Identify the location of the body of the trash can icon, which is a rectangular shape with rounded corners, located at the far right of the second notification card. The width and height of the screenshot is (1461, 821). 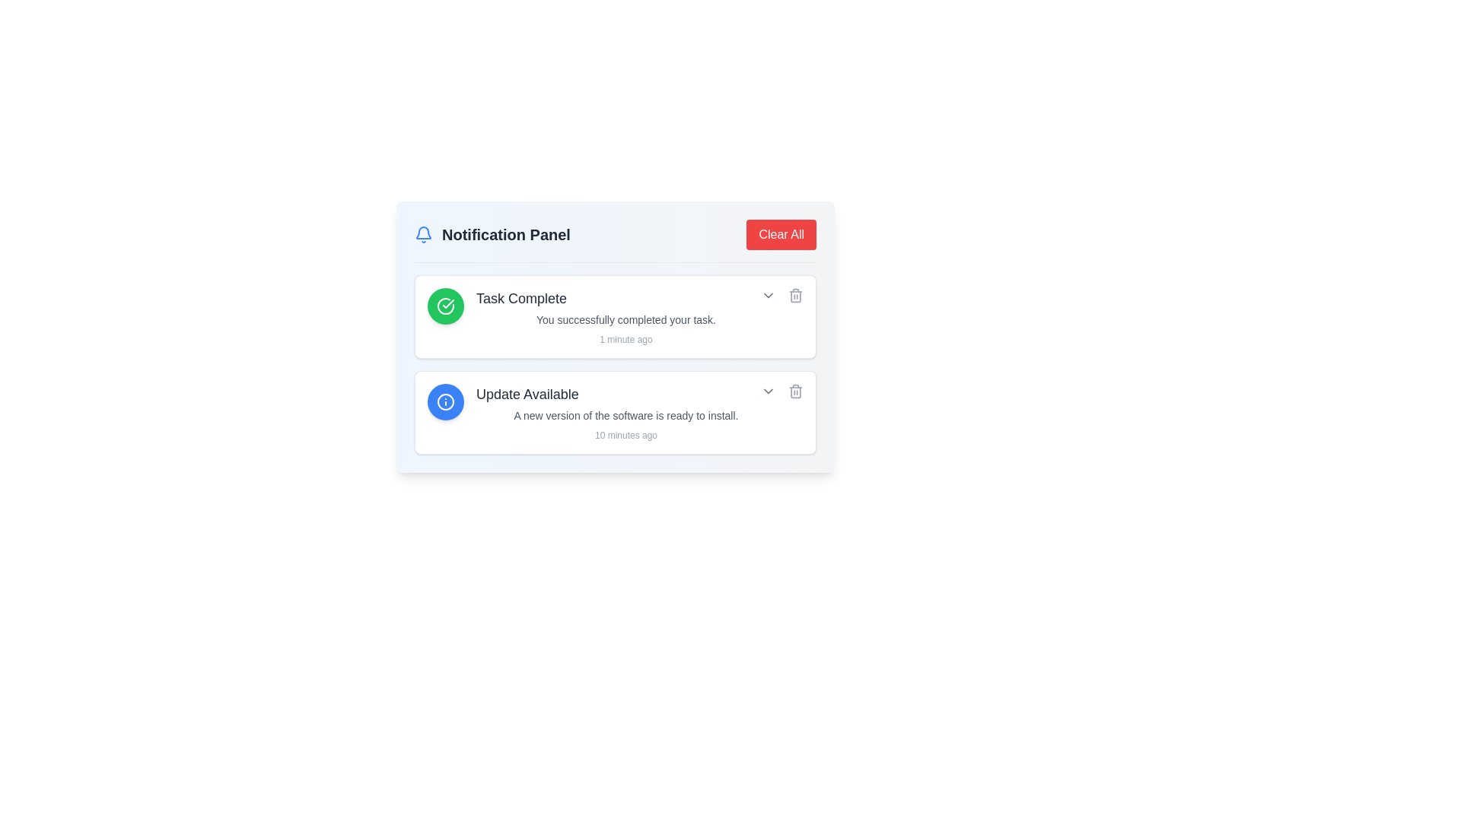
(795, 296).